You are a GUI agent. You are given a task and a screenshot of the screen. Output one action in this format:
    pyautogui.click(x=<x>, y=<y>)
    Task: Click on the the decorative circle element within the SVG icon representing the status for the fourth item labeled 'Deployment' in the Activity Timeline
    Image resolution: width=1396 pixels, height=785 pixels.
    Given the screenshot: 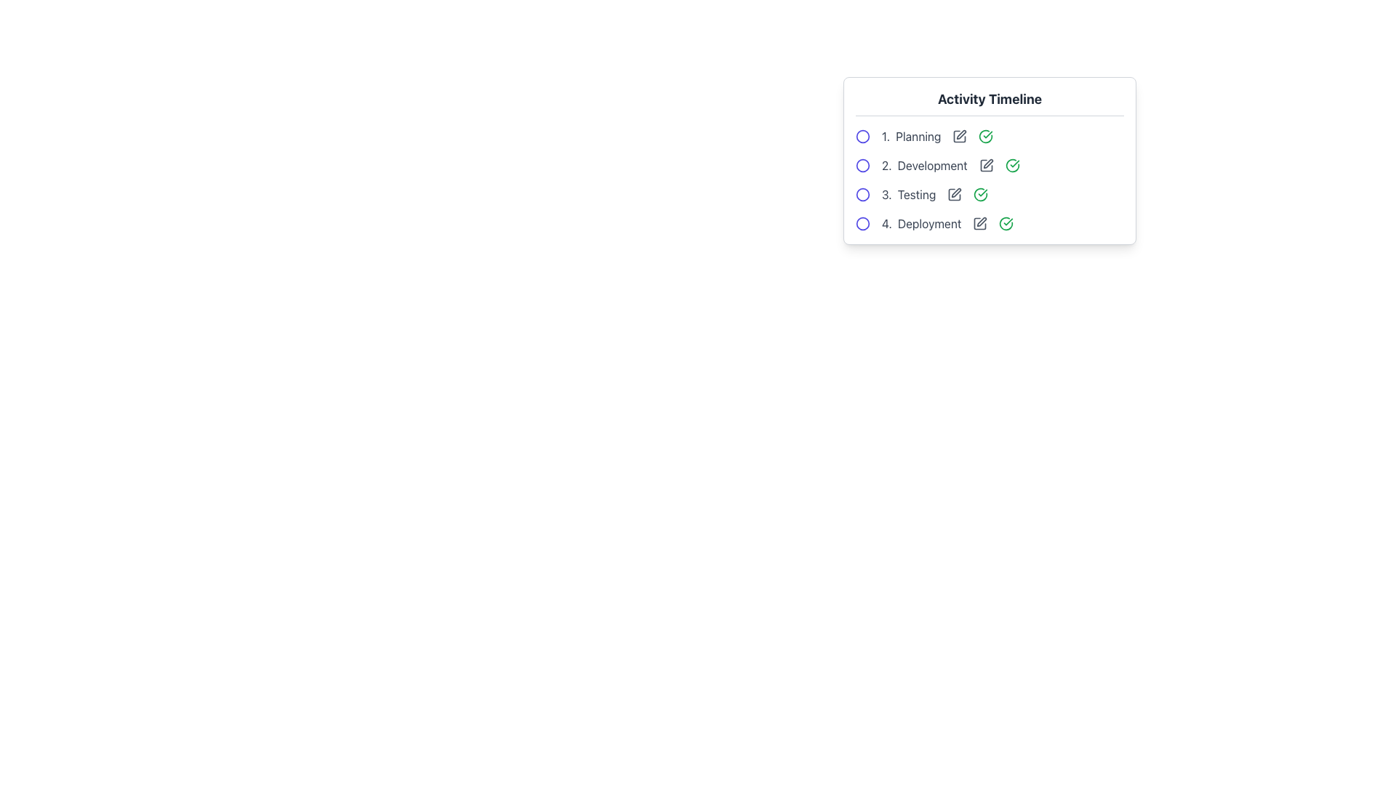 What is the action you would take?
    pyautogui.click(x=862, y=224)
    